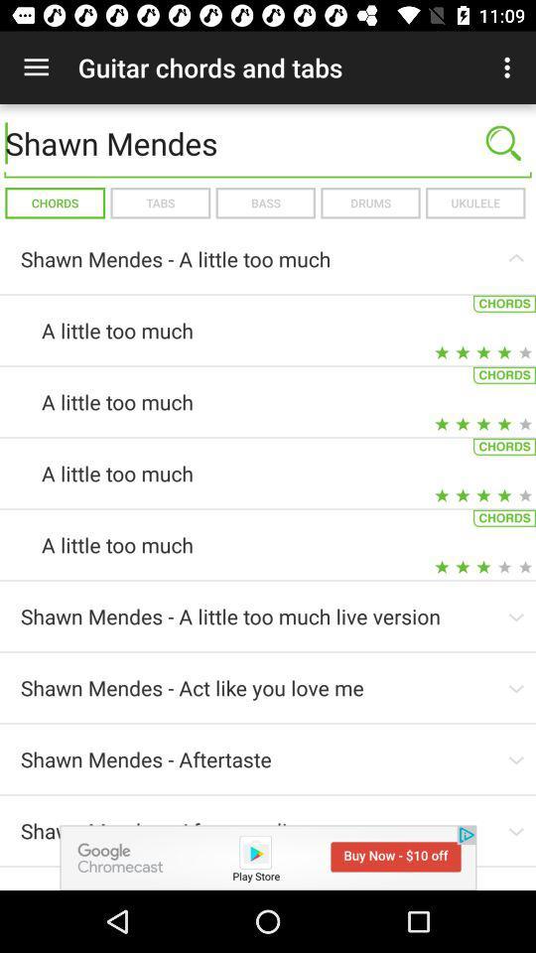 This screenshot has height=953, width=536. I want to click on drums icon, so click(370, 203).